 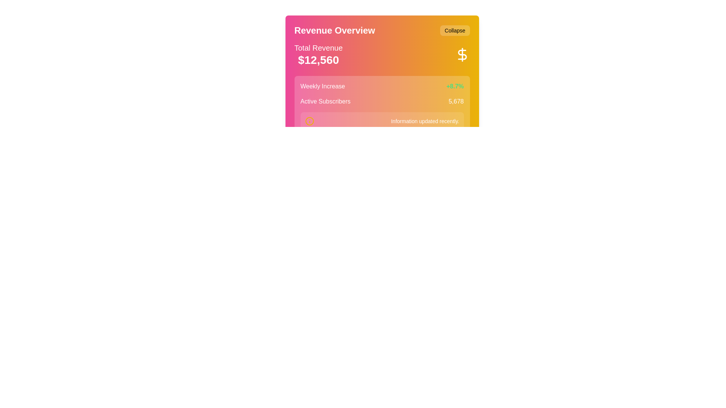 I want to click on the 'Total Revenue' text label displayed in white font within the 'Revenue Overview' card, which is positioned at the top left corner of the card, so click(x=318, y=48).